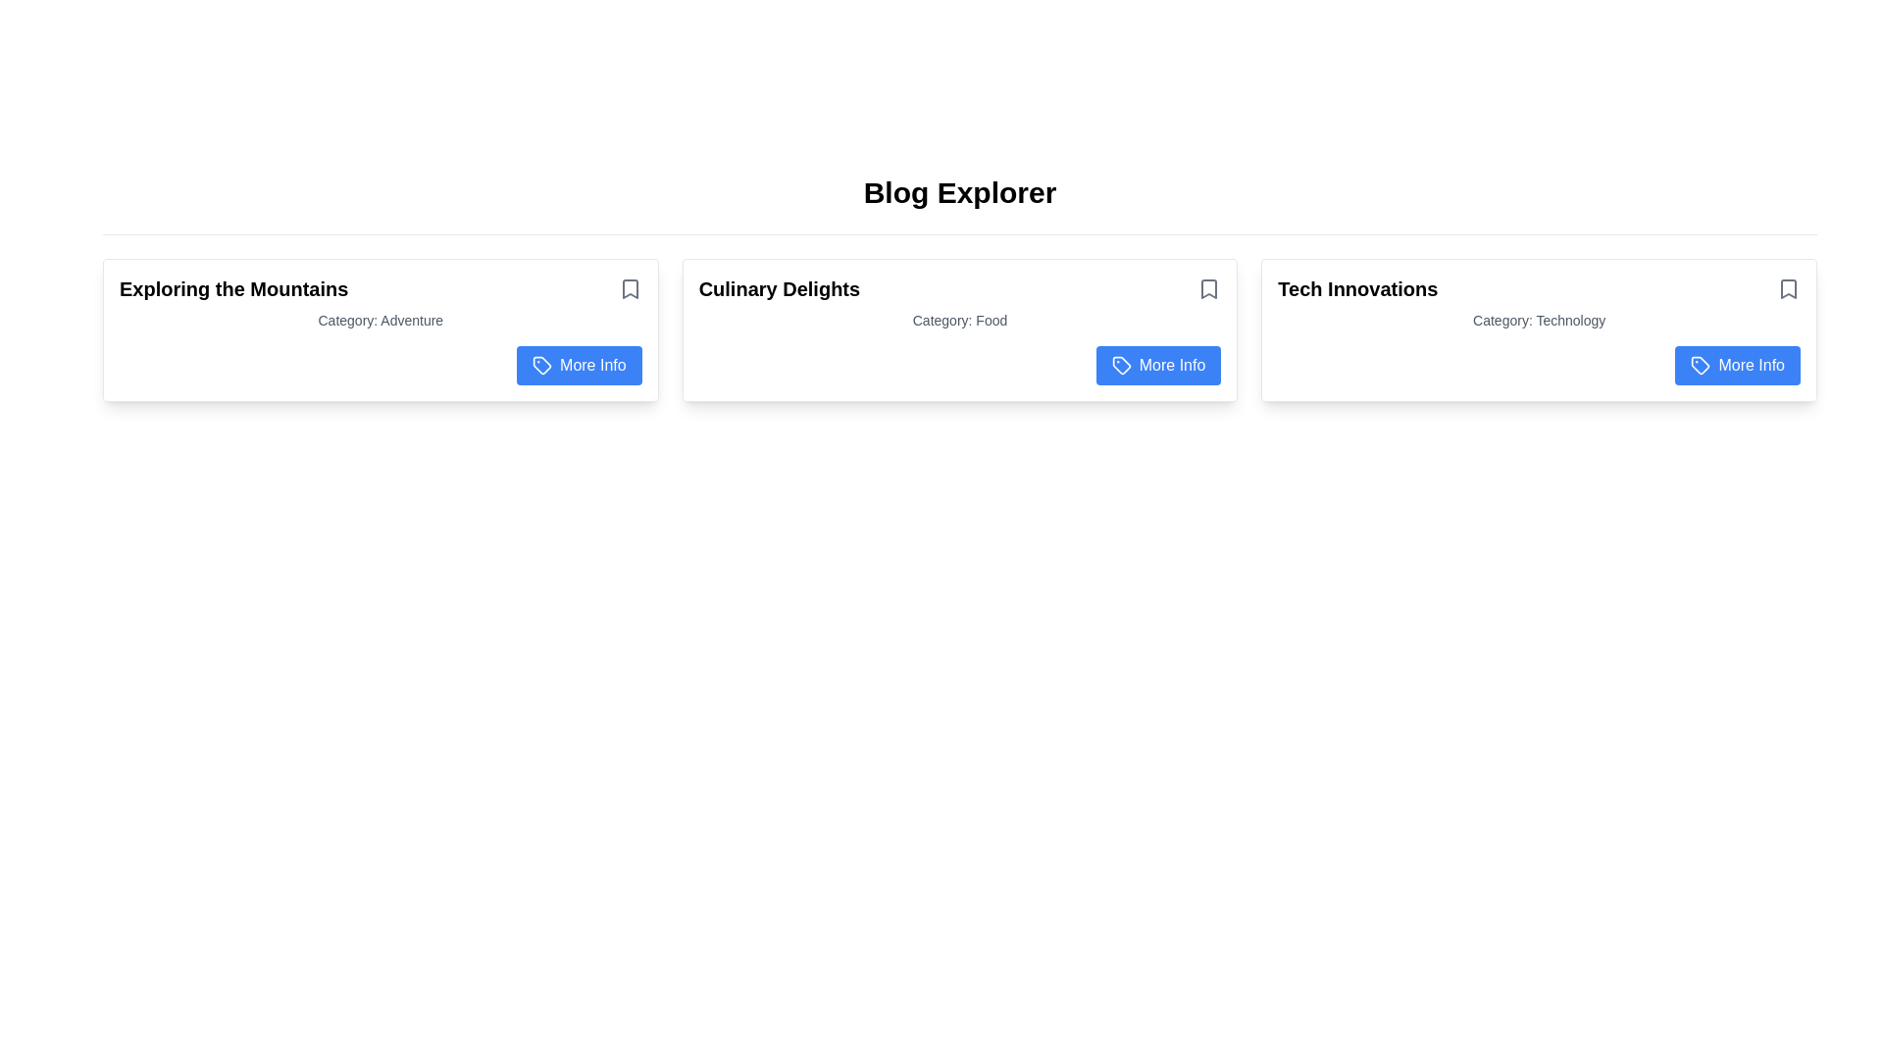  What do you see at coordinates (1738, 366) in the screenshot?
I see `the third blue button labeled 'More Info' with a price tag icon in the 'Tech Innovations' card` at bounding box center [1738, 366].